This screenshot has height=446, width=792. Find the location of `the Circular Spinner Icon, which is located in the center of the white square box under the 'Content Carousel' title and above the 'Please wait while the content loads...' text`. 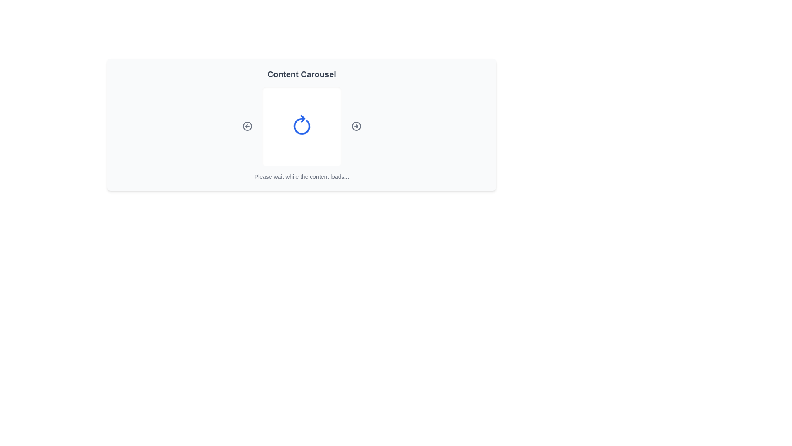

the Circular Spinner Icon, which is located in the center of the white square box under the 'Content Carousel' title and above the 'Please wait while the content loads...' text is located at coordinates (301, 126).